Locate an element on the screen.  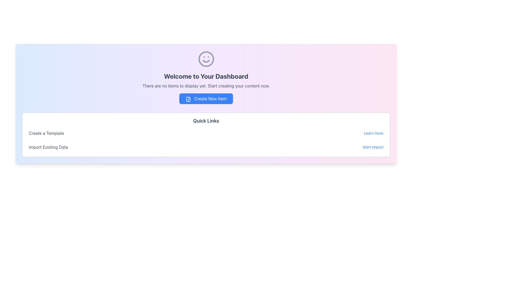
the button located beneath the text 'There are no items is located at coordinates (206, 99).